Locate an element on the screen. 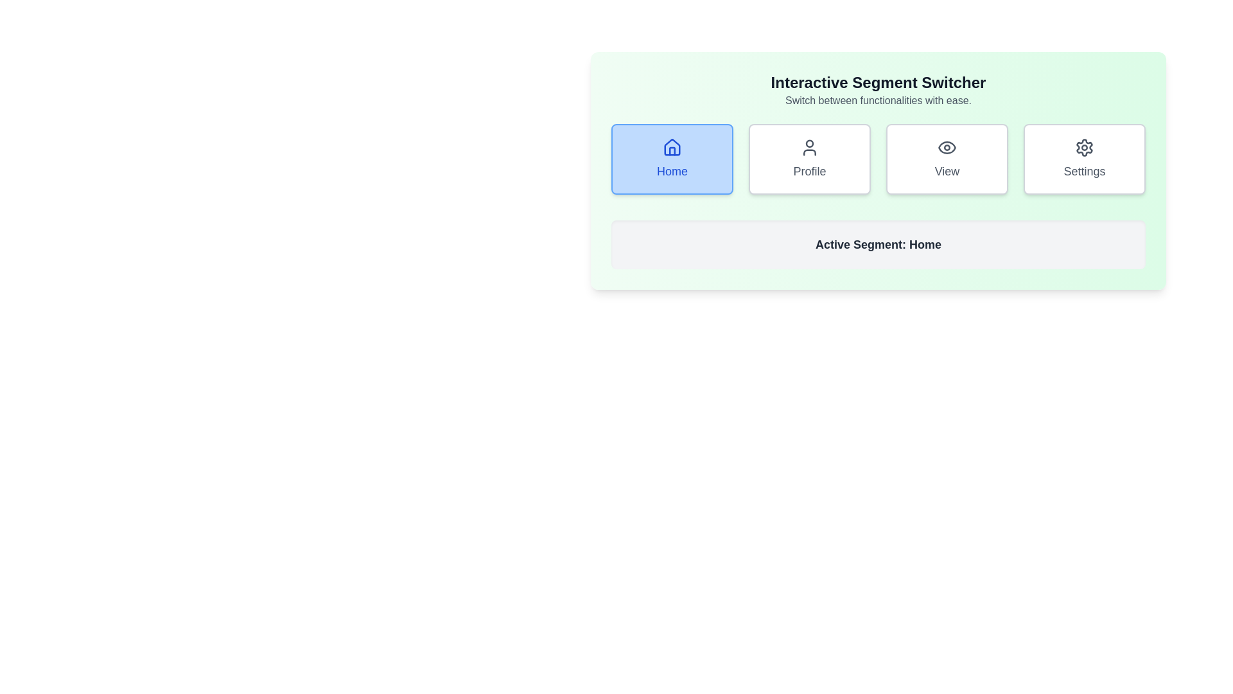 The image size is (1233, 694). the white rectangular button with rounded corners and an eye icon labeled 'View', located beneath the heading 'Interactive Segment Switcher' is located at coordinates (947, 158).